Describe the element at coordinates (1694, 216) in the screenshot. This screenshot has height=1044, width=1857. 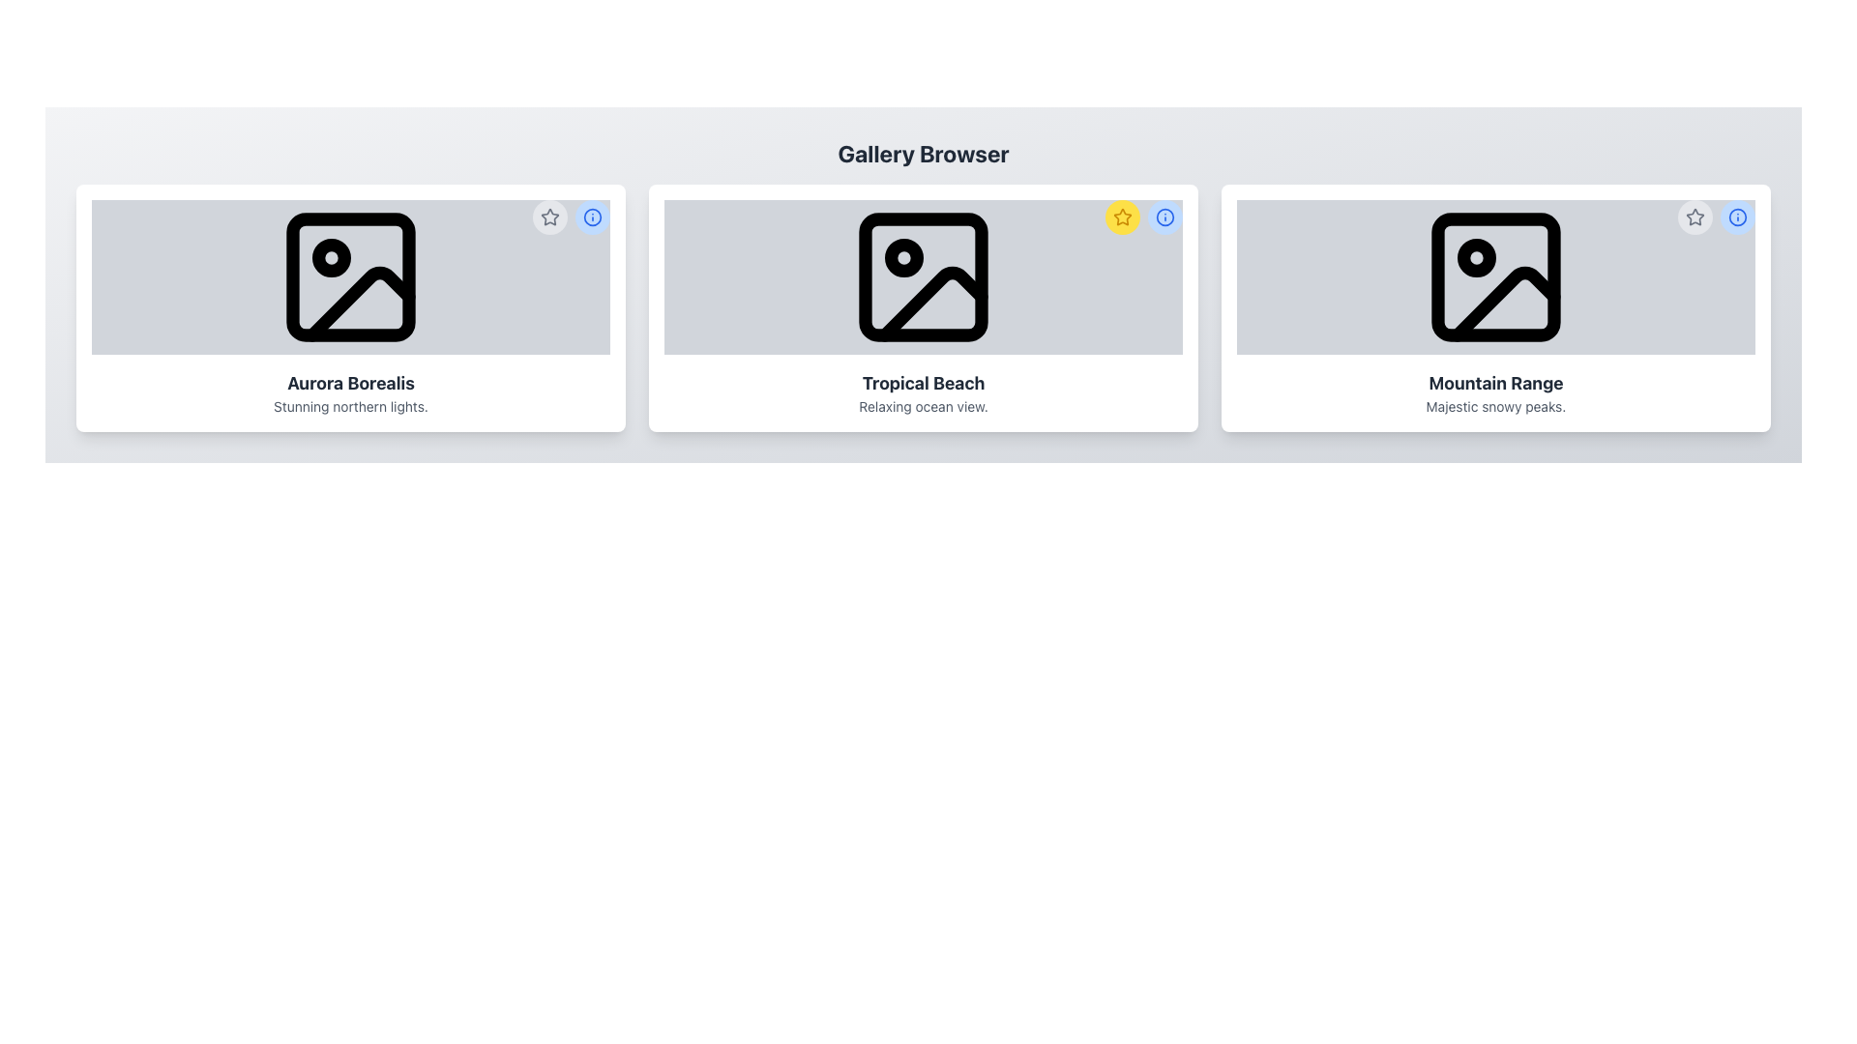
I see `the star icon with a hollow outline next to the 'Mountain Range' gallery item to mark it as favorite` at that location.